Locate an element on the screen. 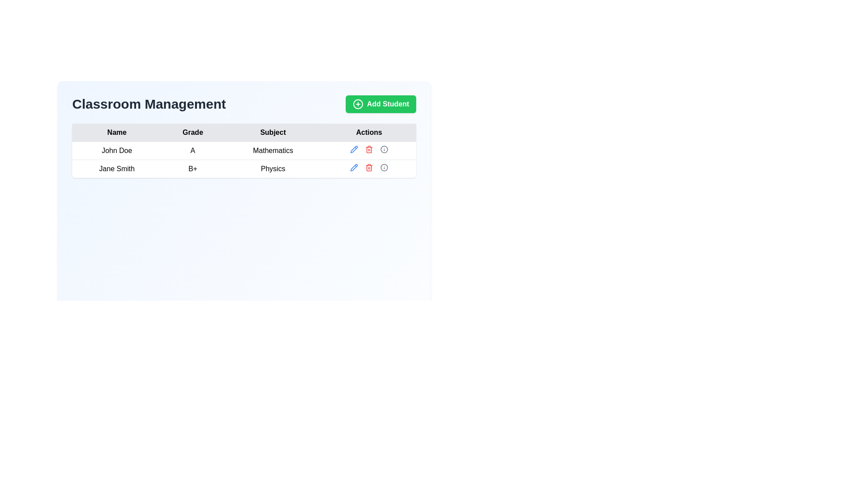  styling of the TextLabel displaying the grade 'B+' located in the second row, second column of the table grid, adjacent to 'Jane Smith' and 'Physics' is located at coordinates (192, 169).